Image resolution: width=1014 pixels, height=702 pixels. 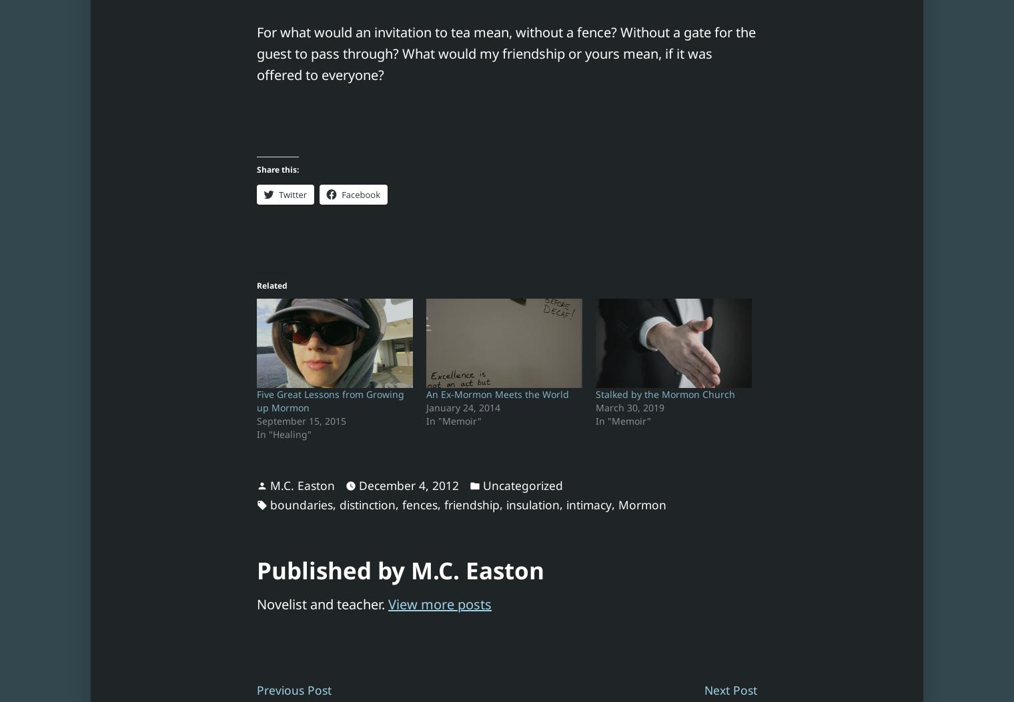 What do you see at coordinates (400, 569) in the screenshot?
I see `'Published by M.C. Easton'` at bounding box center [400, 569].